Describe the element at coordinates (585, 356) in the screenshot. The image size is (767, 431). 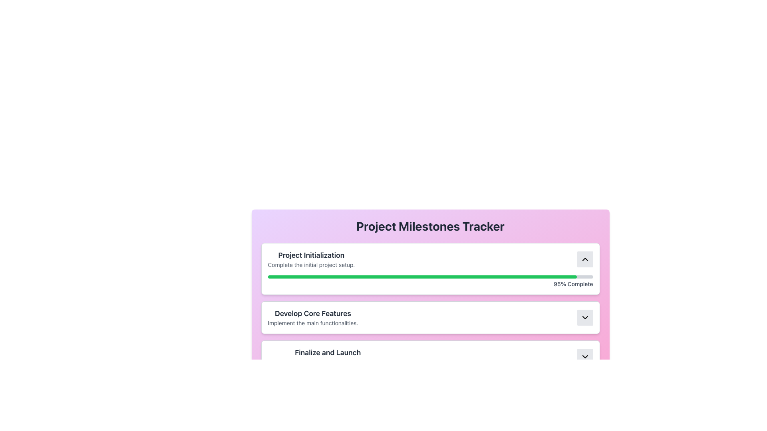
I see `the compact rectangular button with a light gray background and a downward-pointing chevron icon, located to the right of the 'Finalize and Launch' section` at that location.